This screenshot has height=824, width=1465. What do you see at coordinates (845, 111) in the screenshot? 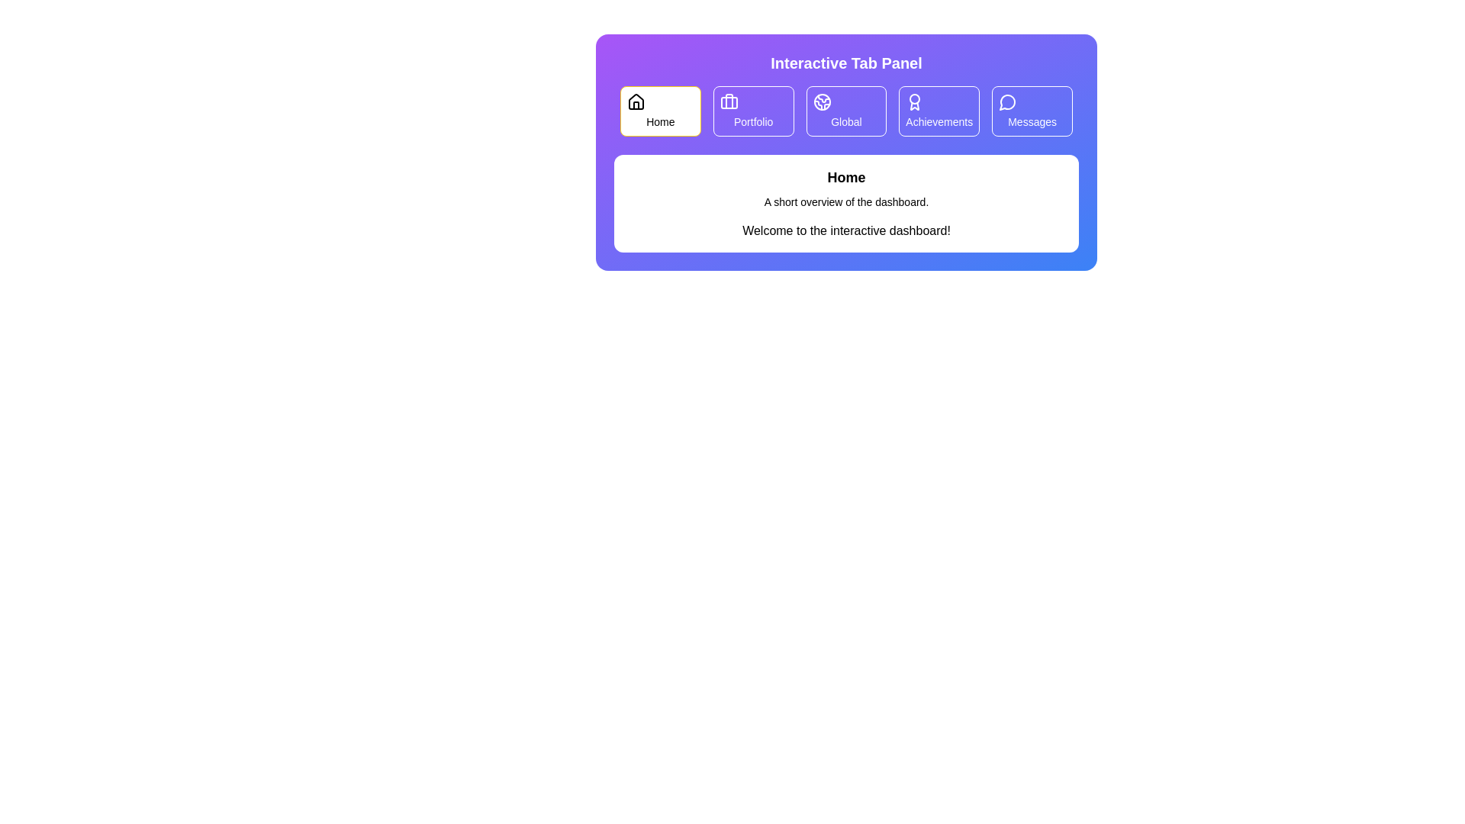
I see `the 'Global' tab in the navigation panel` at bounding box center [845, 111].